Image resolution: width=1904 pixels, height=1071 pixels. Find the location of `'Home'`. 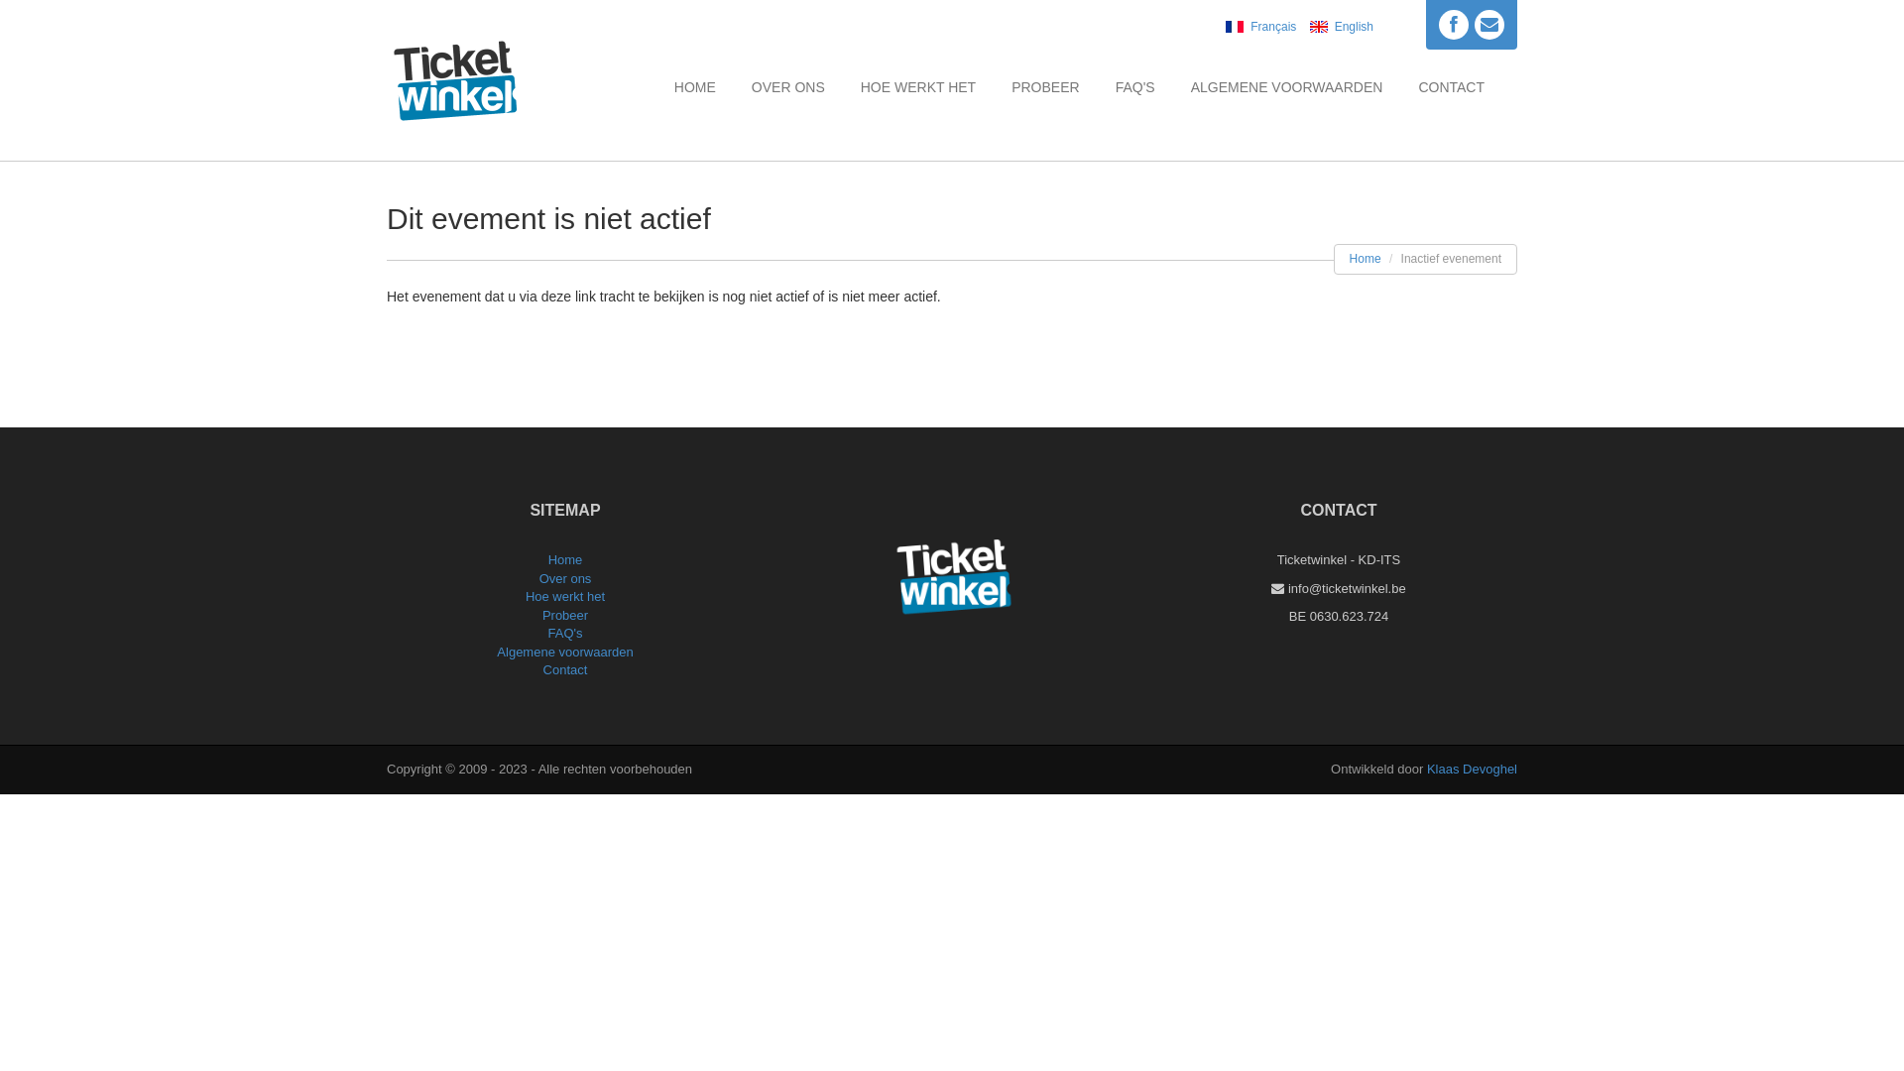

'Home' is located at coordinates (1365, 258).